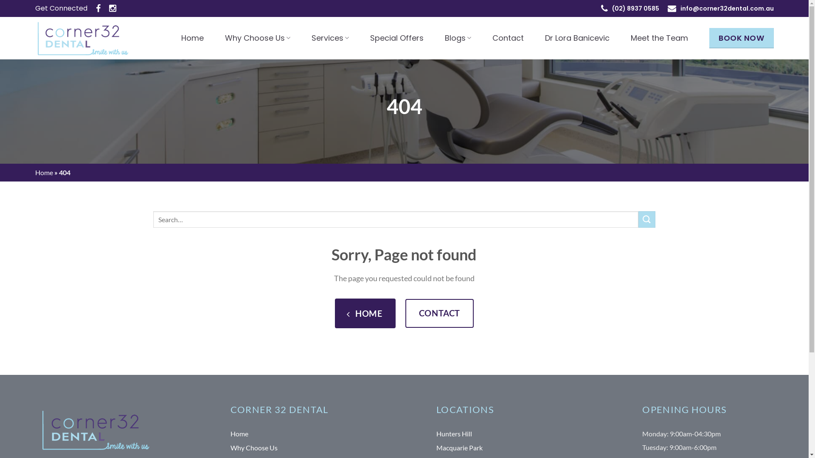  What do you see at coordinates (508, 37) in the screenshot?
I see `'Contact'` at bounding box center [508, 37].